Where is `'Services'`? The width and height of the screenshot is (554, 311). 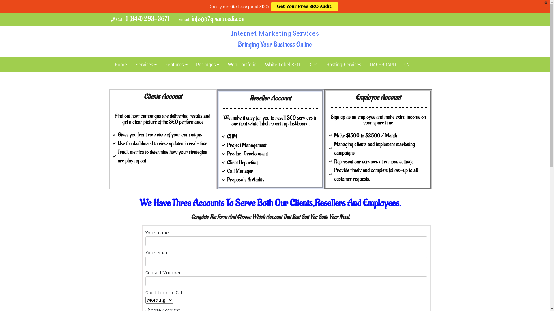
'Services' is located at coordinates (146, 65).